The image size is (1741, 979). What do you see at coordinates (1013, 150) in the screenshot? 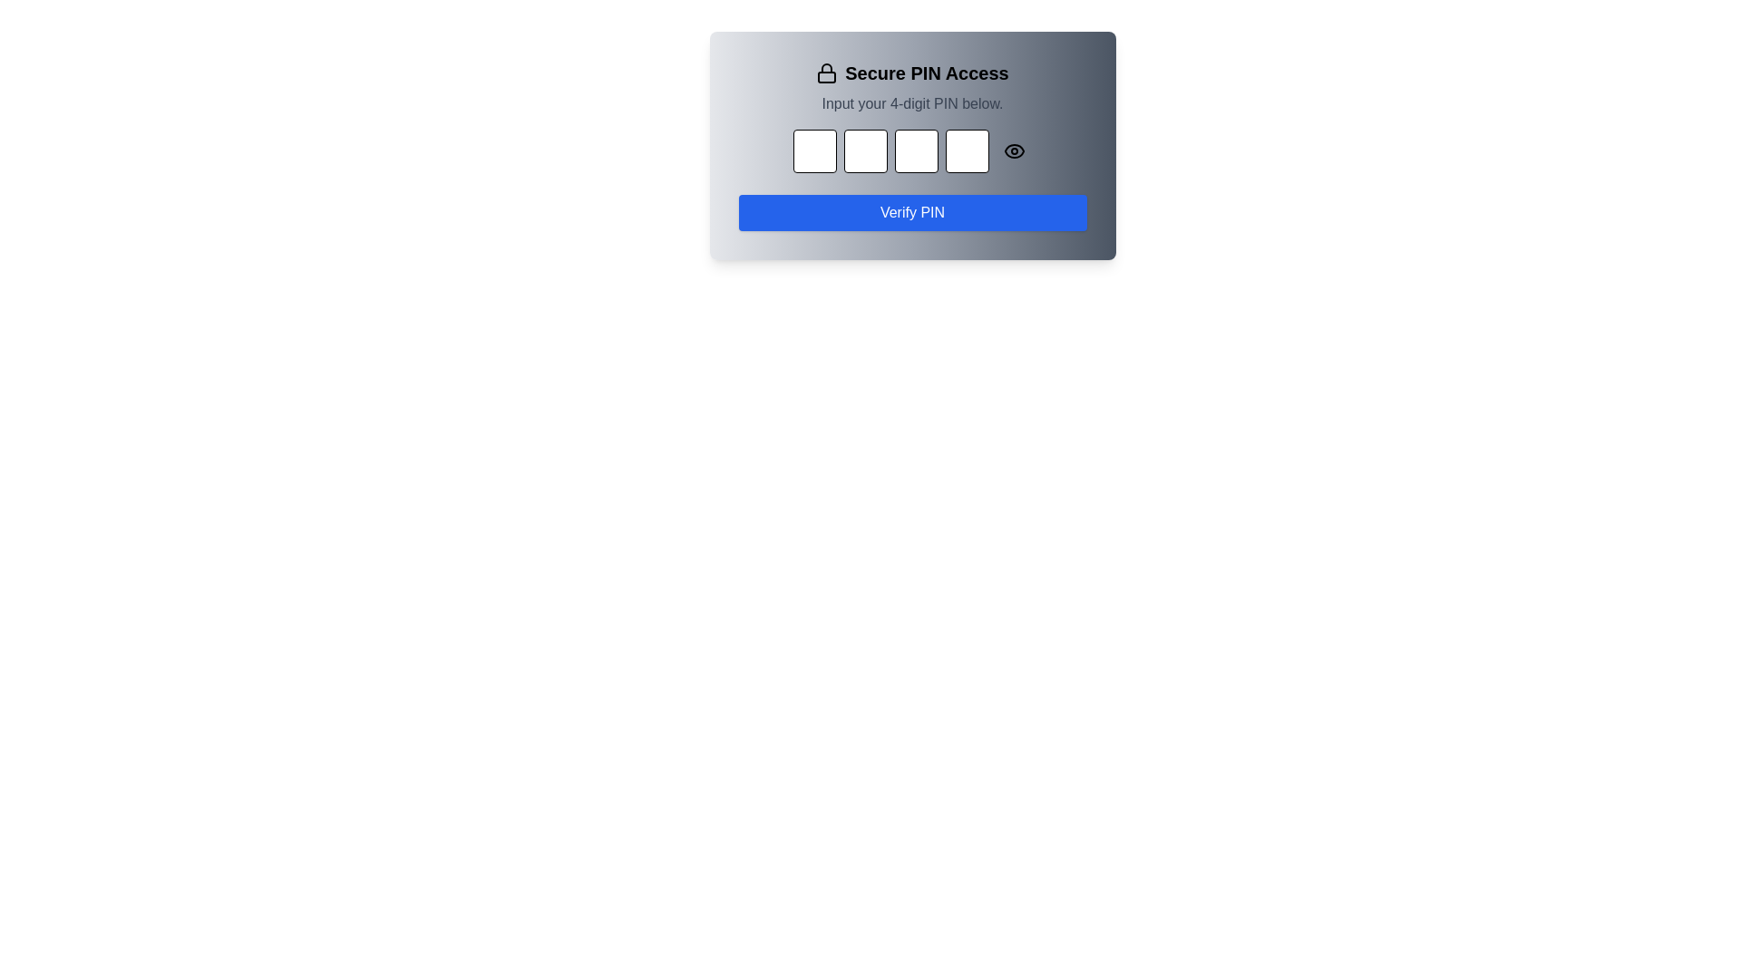
I see `the 'show/hide' PIN icon button located to the immediate right of the last PIN input field` at bounding box center [1013, 150].